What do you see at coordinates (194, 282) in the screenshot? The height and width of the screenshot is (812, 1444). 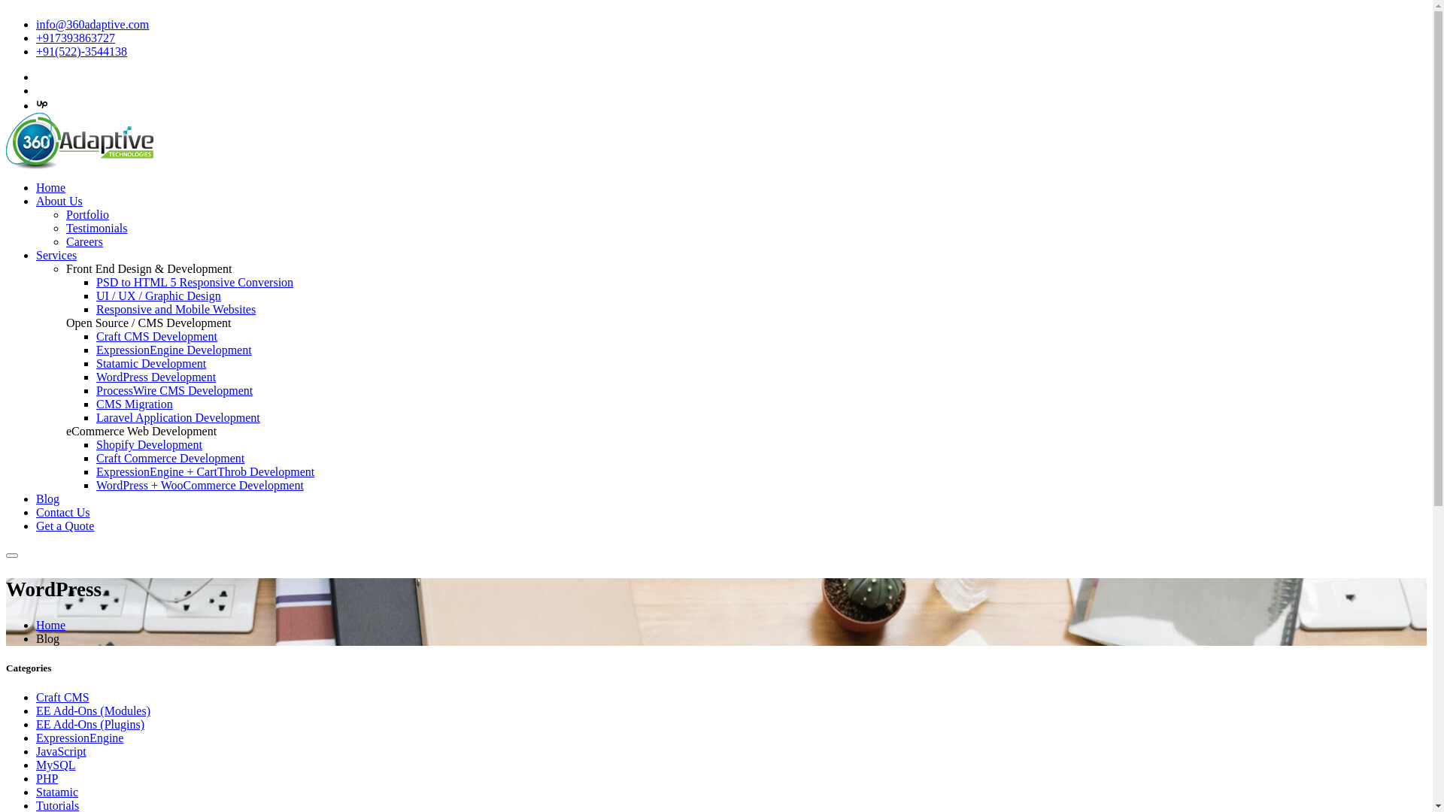 I see `'PSD to HTML 5 Responsive Conversion'` at bounding box center [194, 282].